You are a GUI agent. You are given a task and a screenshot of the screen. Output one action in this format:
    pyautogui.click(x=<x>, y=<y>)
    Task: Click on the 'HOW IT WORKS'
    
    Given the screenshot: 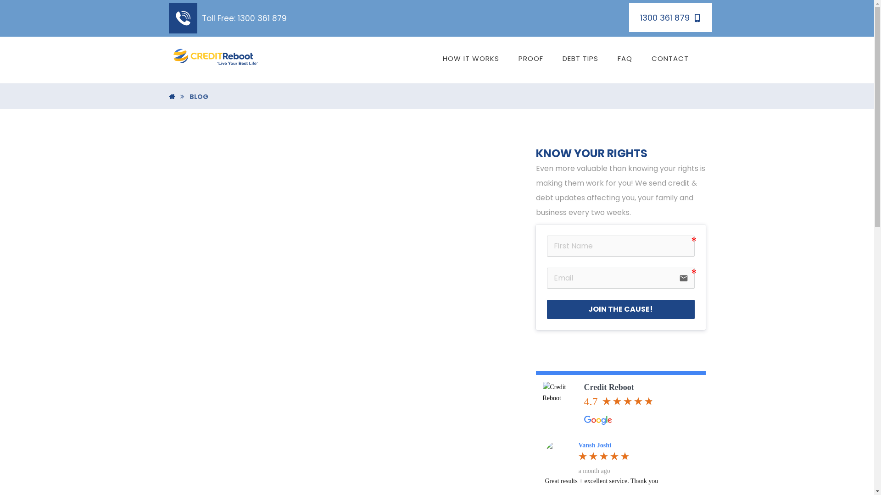 What is the action you would take?
    pyautogui.click(x=471, y=58)
    